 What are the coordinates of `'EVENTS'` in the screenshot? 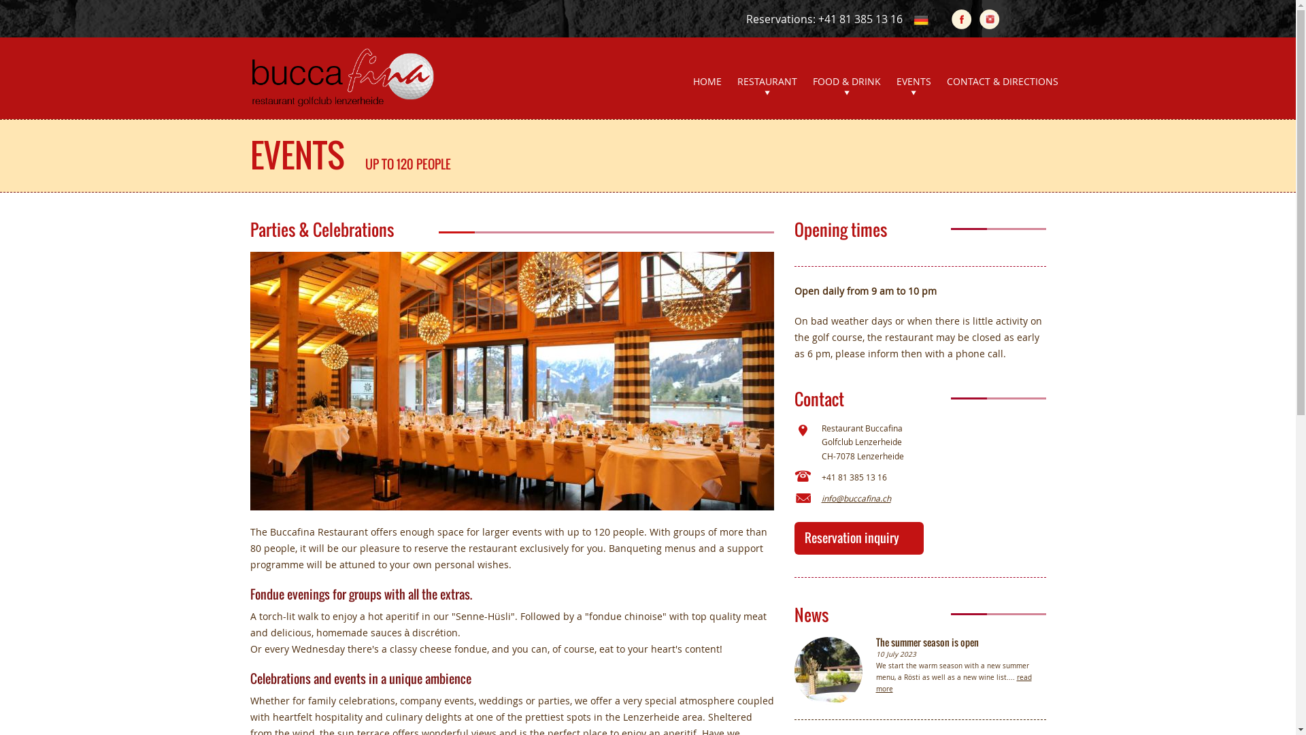 It's located at (914, 88).